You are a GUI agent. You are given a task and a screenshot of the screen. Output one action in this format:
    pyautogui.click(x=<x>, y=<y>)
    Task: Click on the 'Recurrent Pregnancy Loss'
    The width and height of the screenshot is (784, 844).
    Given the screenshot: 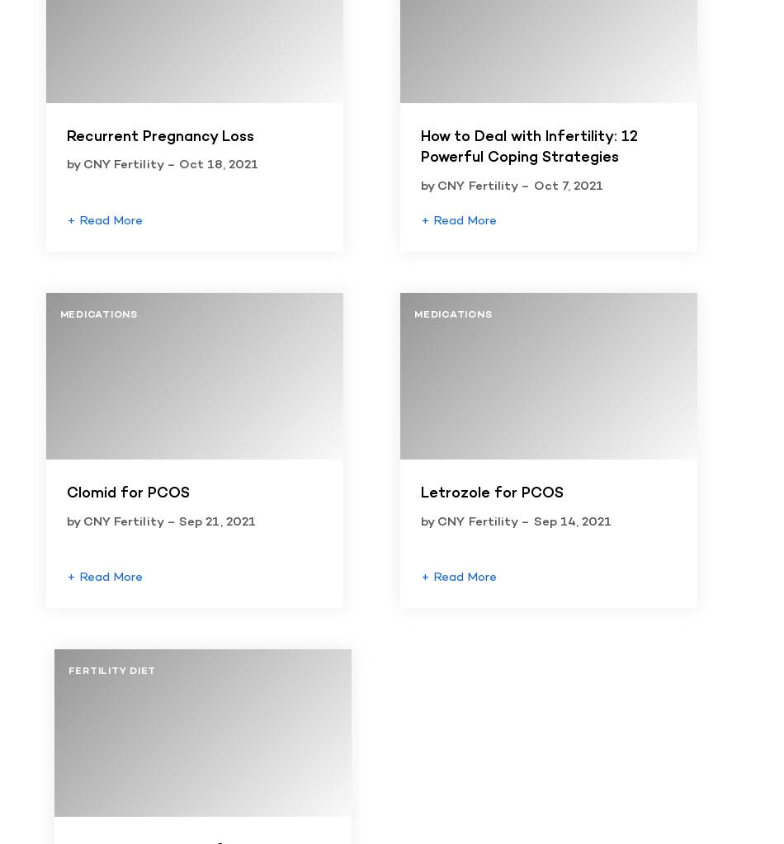 What is the action you would take?
    pyautogui.click(x=159, y=137)
    